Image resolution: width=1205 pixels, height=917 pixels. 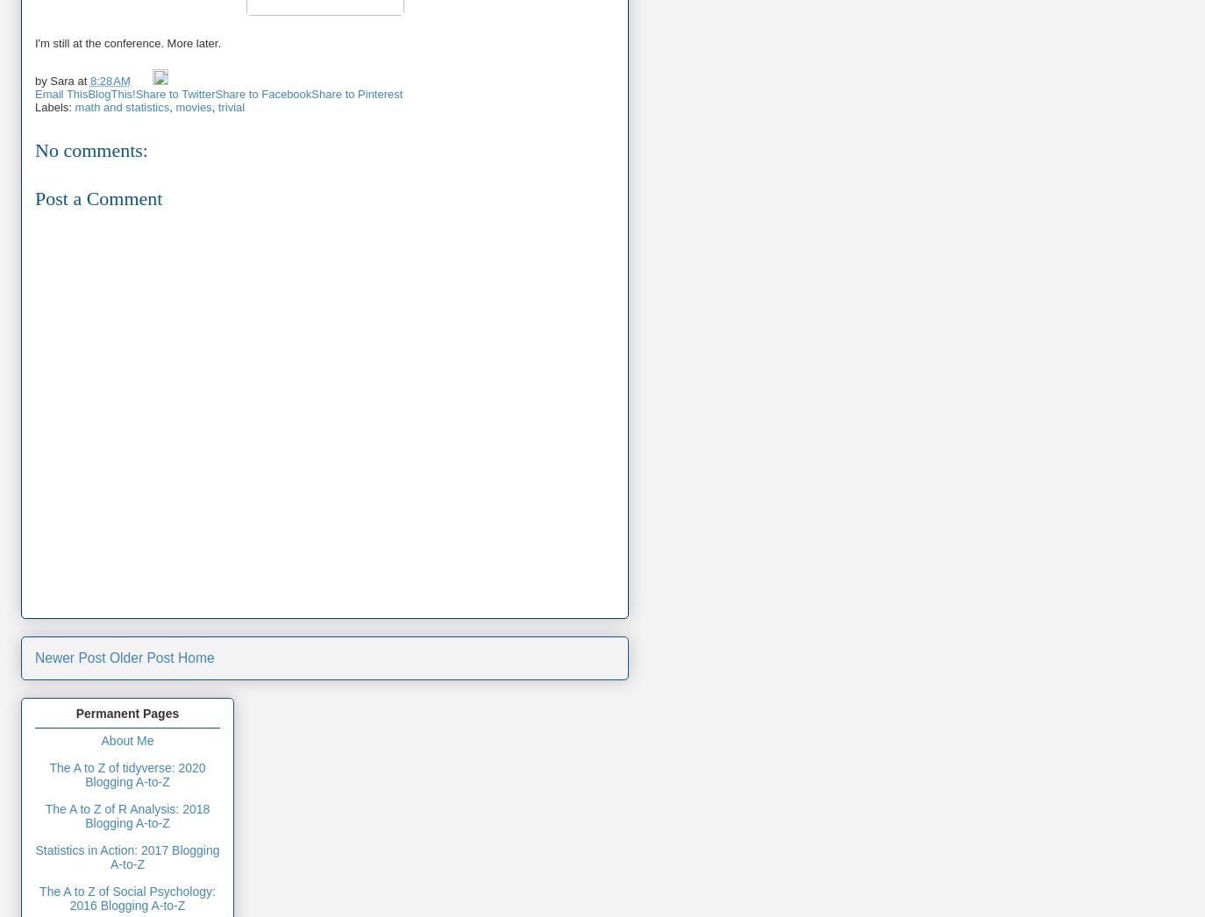 What do you see at coordinates (121, 105) in the screenshot?
I see `'math and statistics'` at bounding box center [121, 105].